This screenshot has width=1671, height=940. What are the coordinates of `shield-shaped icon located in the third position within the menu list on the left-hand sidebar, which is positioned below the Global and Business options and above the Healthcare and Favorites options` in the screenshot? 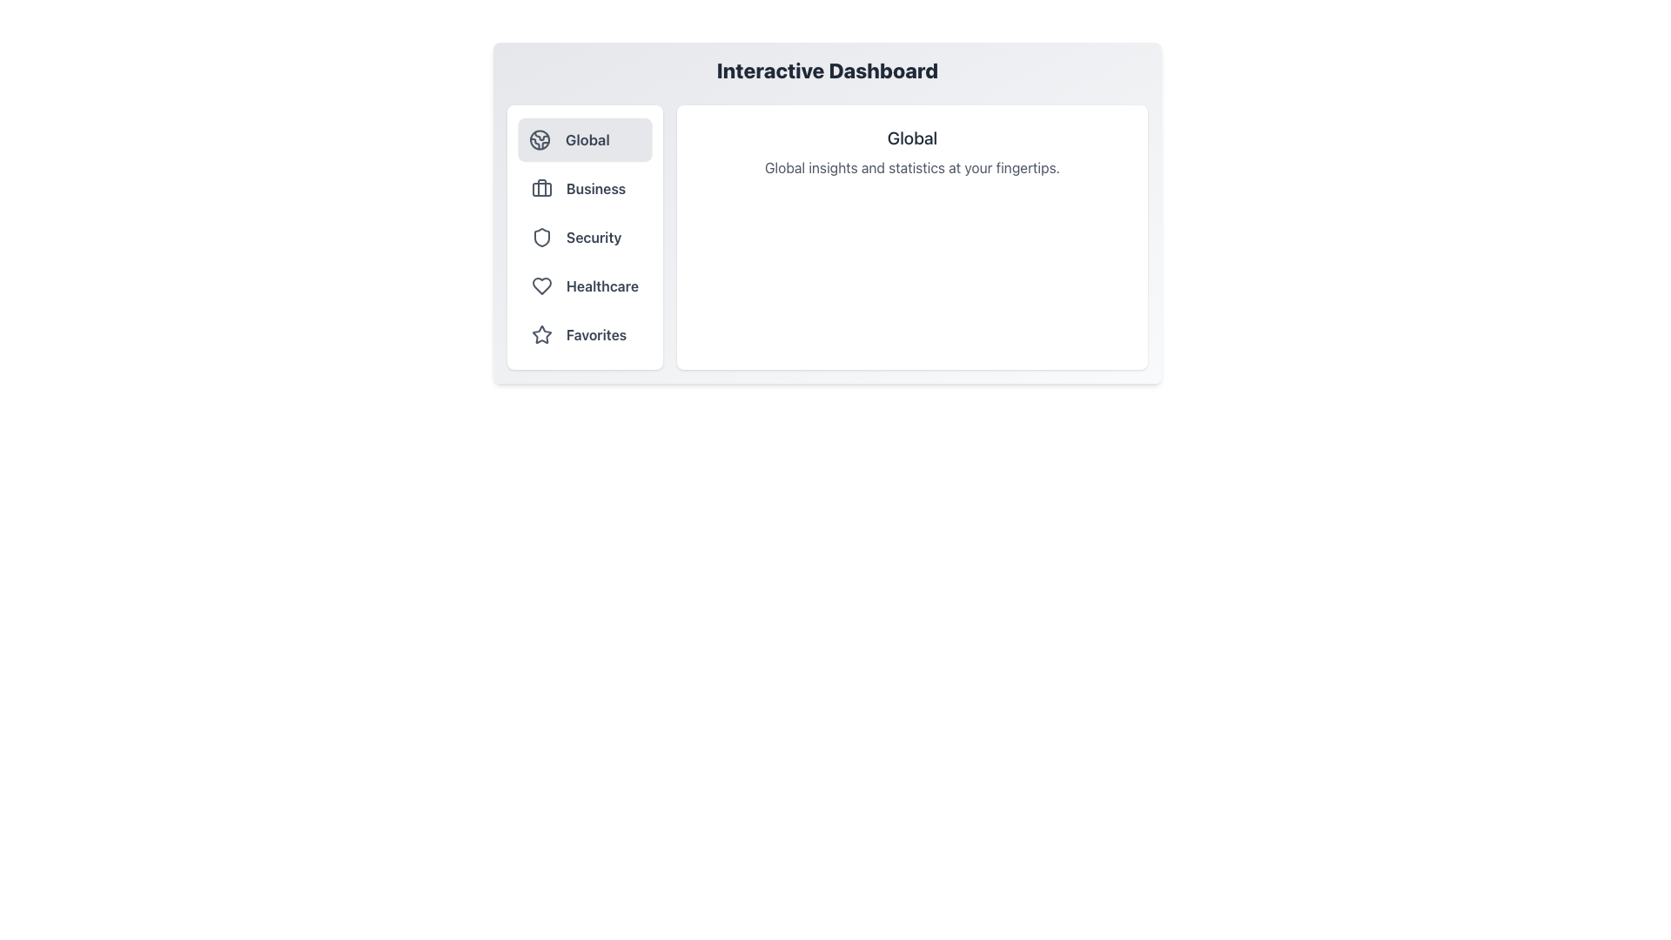 It's located at (541, 238).